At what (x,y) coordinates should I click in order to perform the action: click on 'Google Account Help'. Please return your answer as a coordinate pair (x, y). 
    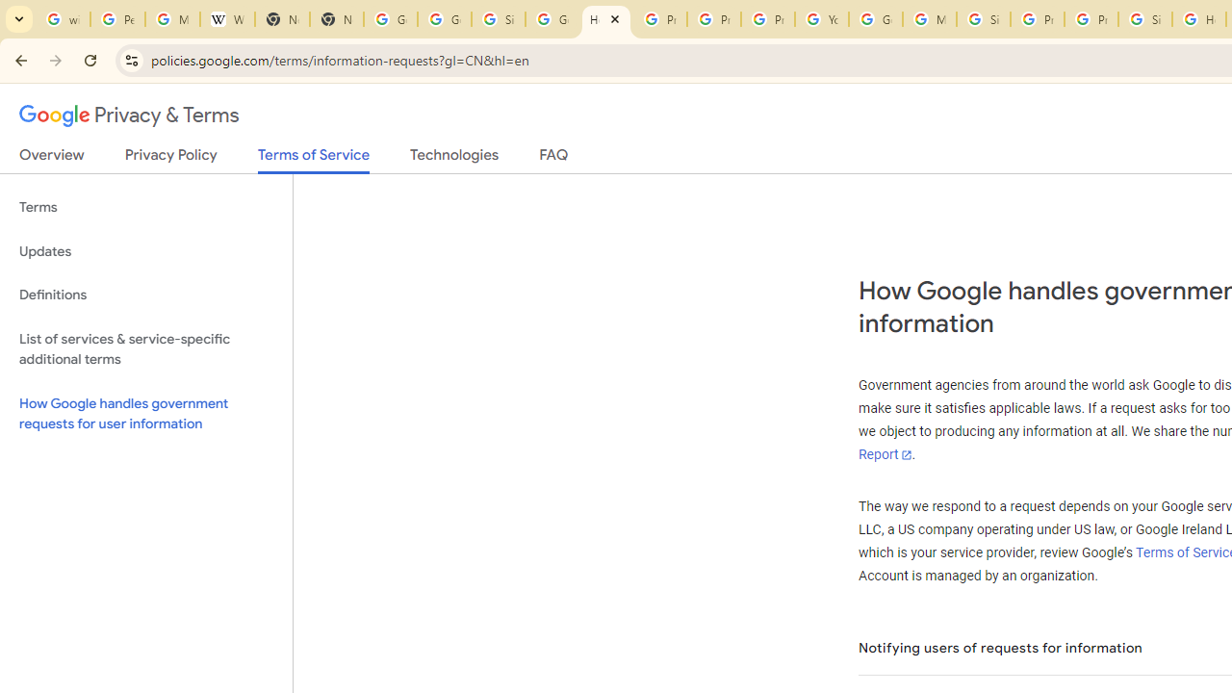
    Looking at the image, I should click on (875, 19).